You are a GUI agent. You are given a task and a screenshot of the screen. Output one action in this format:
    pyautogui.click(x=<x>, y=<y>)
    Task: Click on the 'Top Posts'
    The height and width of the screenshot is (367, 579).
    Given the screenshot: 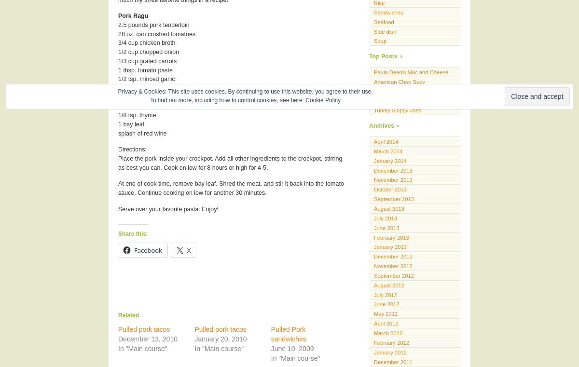 What is the action you would take?
    pyautogui.click(x=369, y=55)
    